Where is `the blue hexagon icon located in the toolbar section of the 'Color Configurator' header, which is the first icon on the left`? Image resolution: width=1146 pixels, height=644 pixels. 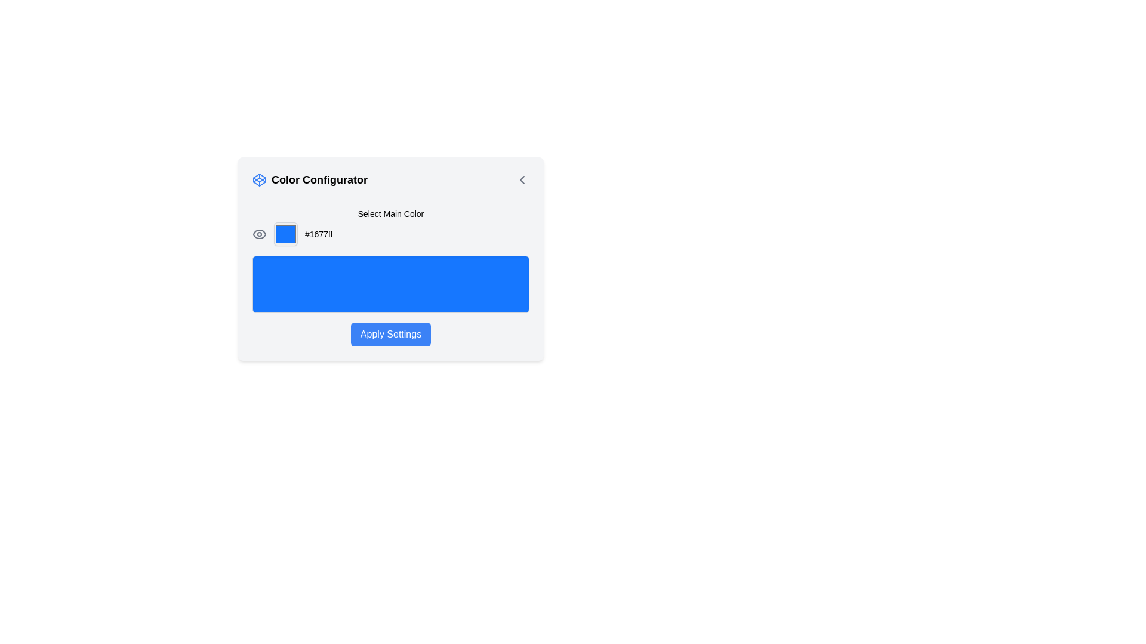 the blue hexagon icon located in the toolbar section of the 'Color Configurator' header, which is the first icon on the left is located at coordinates (259, 179).